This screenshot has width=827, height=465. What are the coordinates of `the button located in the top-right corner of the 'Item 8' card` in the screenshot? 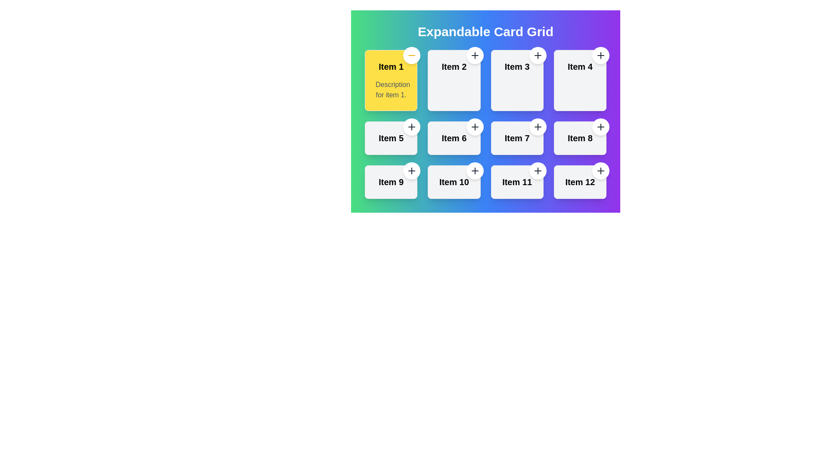 It's located at (600, 127).